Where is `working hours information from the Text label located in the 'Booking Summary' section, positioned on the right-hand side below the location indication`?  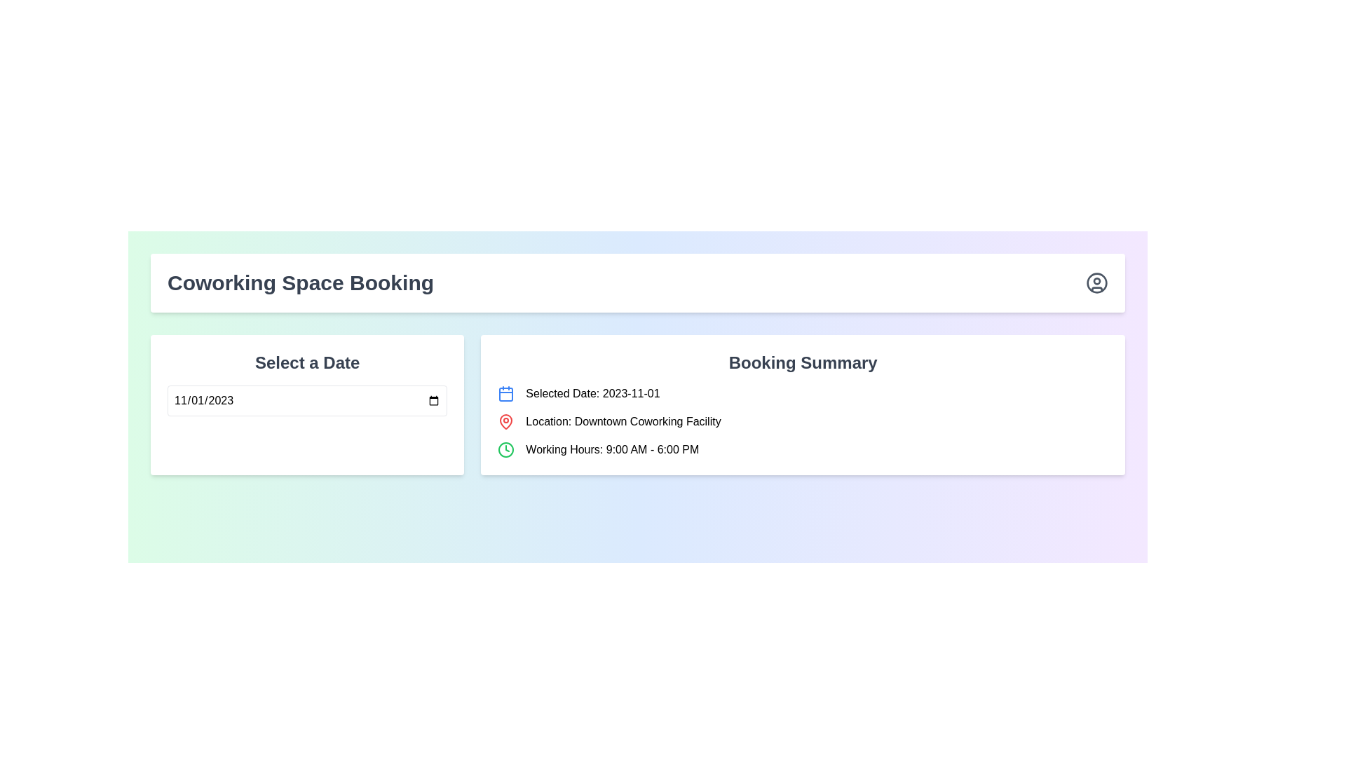
working hours information from the Text label located in the 'Booking Summary' section, positioned on the right-hand side below the location indication is located at coordinates (612, 449).